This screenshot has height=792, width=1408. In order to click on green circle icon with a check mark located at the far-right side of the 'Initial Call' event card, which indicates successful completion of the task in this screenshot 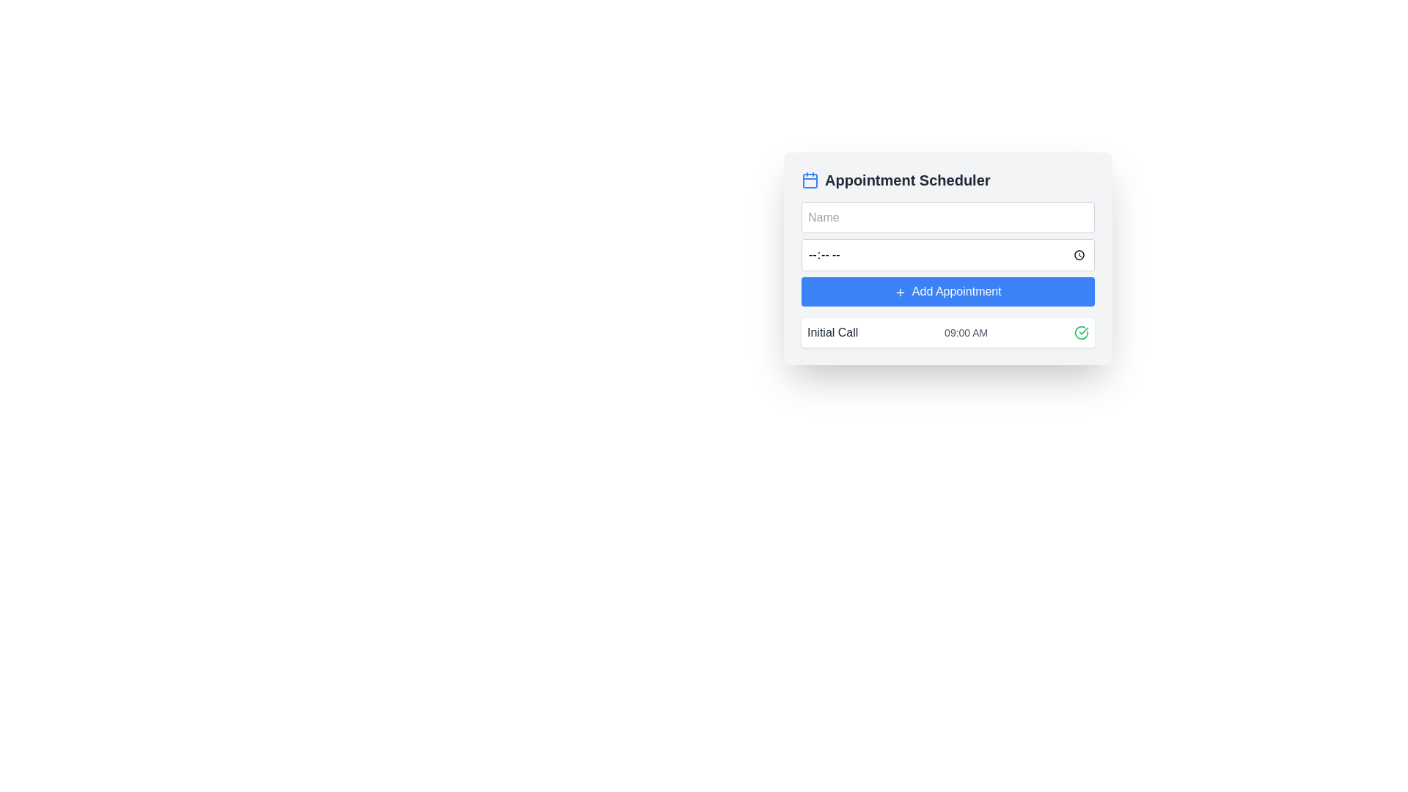, I will do `click(1081, 333)`.